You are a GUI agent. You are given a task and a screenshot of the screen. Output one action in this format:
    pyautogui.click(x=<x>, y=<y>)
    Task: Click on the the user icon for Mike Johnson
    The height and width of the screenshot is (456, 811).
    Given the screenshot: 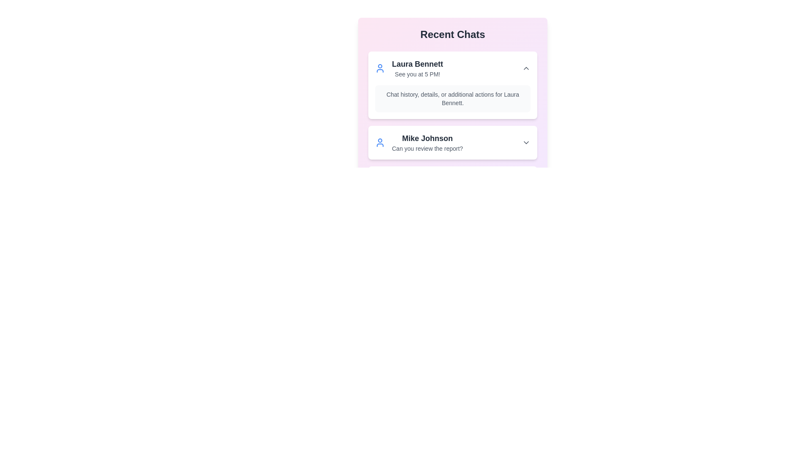 What is the action you would take?
    pyautogui.click(x=380, y=142)
    